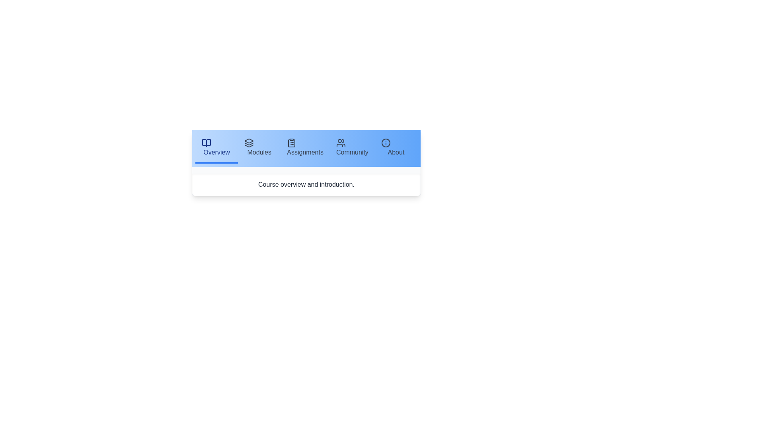 The width and height of the screenshot is (764, 429). Describe the element at coordinates (341, 142) in the screenshot. I see `the icon representing two user figures located above the 'Community' label in the navigation bar` at that location.